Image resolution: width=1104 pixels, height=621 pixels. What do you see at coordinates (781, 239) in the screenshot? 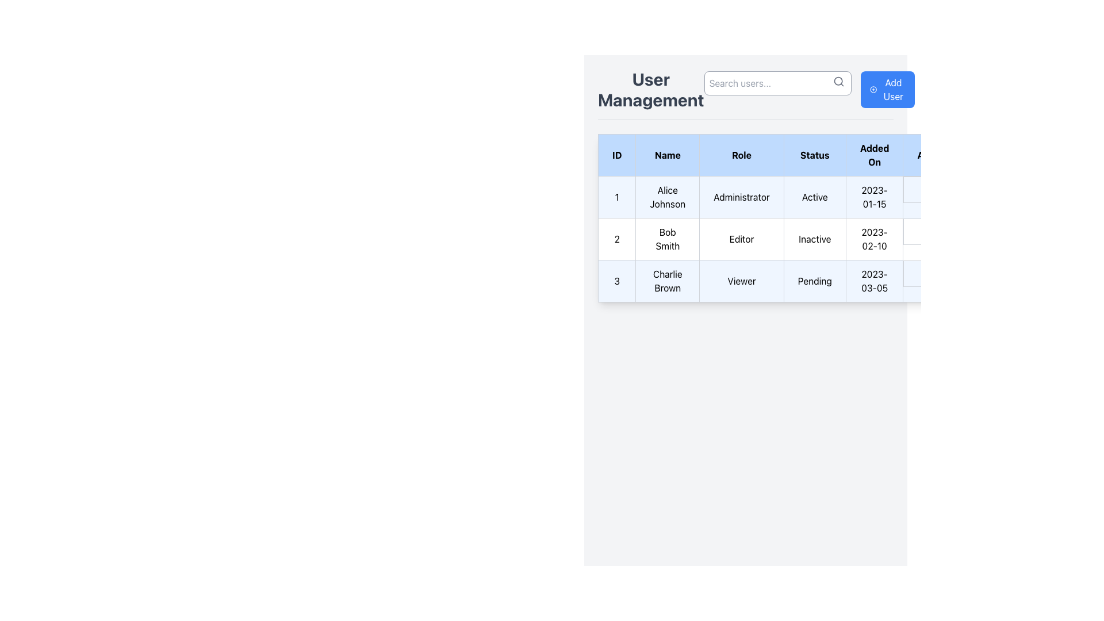
I see `the second row in the table, which includes details for 'Bob Smith', 'Editor', 'Inactive', and '2023-02-10', located between the rows for 'Alice Johnson' and 'Charlie Brown'` at bounding box center [781, 239].